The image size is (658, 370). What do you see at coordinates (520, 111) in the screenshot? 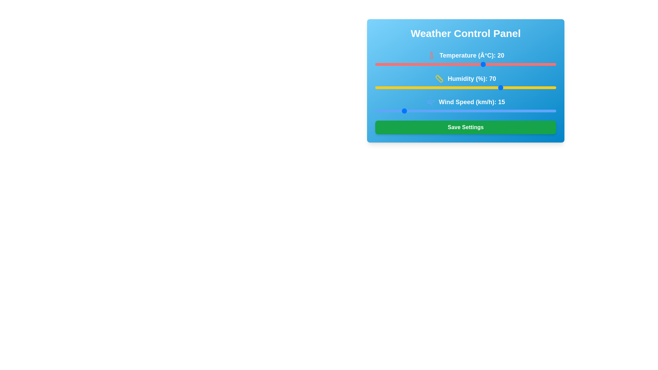
I see `wind speed` at bounding box center [520, 111].